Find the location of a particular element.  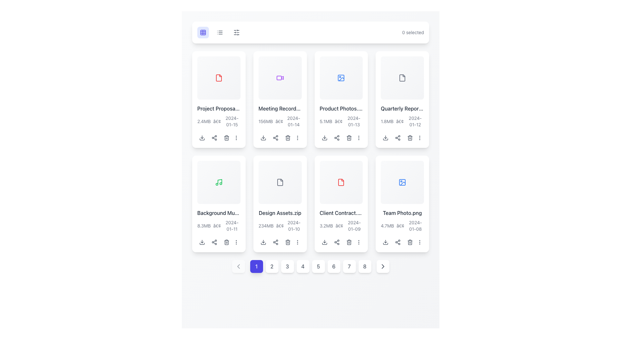

the Text Label that identifies the file name, located in the second row, fourth column of the grid layout, above the metadata text is located at coordinates (341, 213).